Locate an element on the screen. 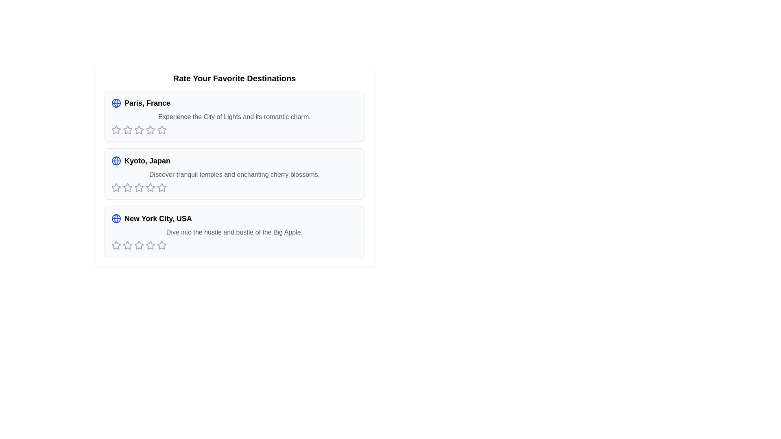  the second star from the left in the rating system under the 'New York City, USA' section to rate it is located at coordinates (150, 245).